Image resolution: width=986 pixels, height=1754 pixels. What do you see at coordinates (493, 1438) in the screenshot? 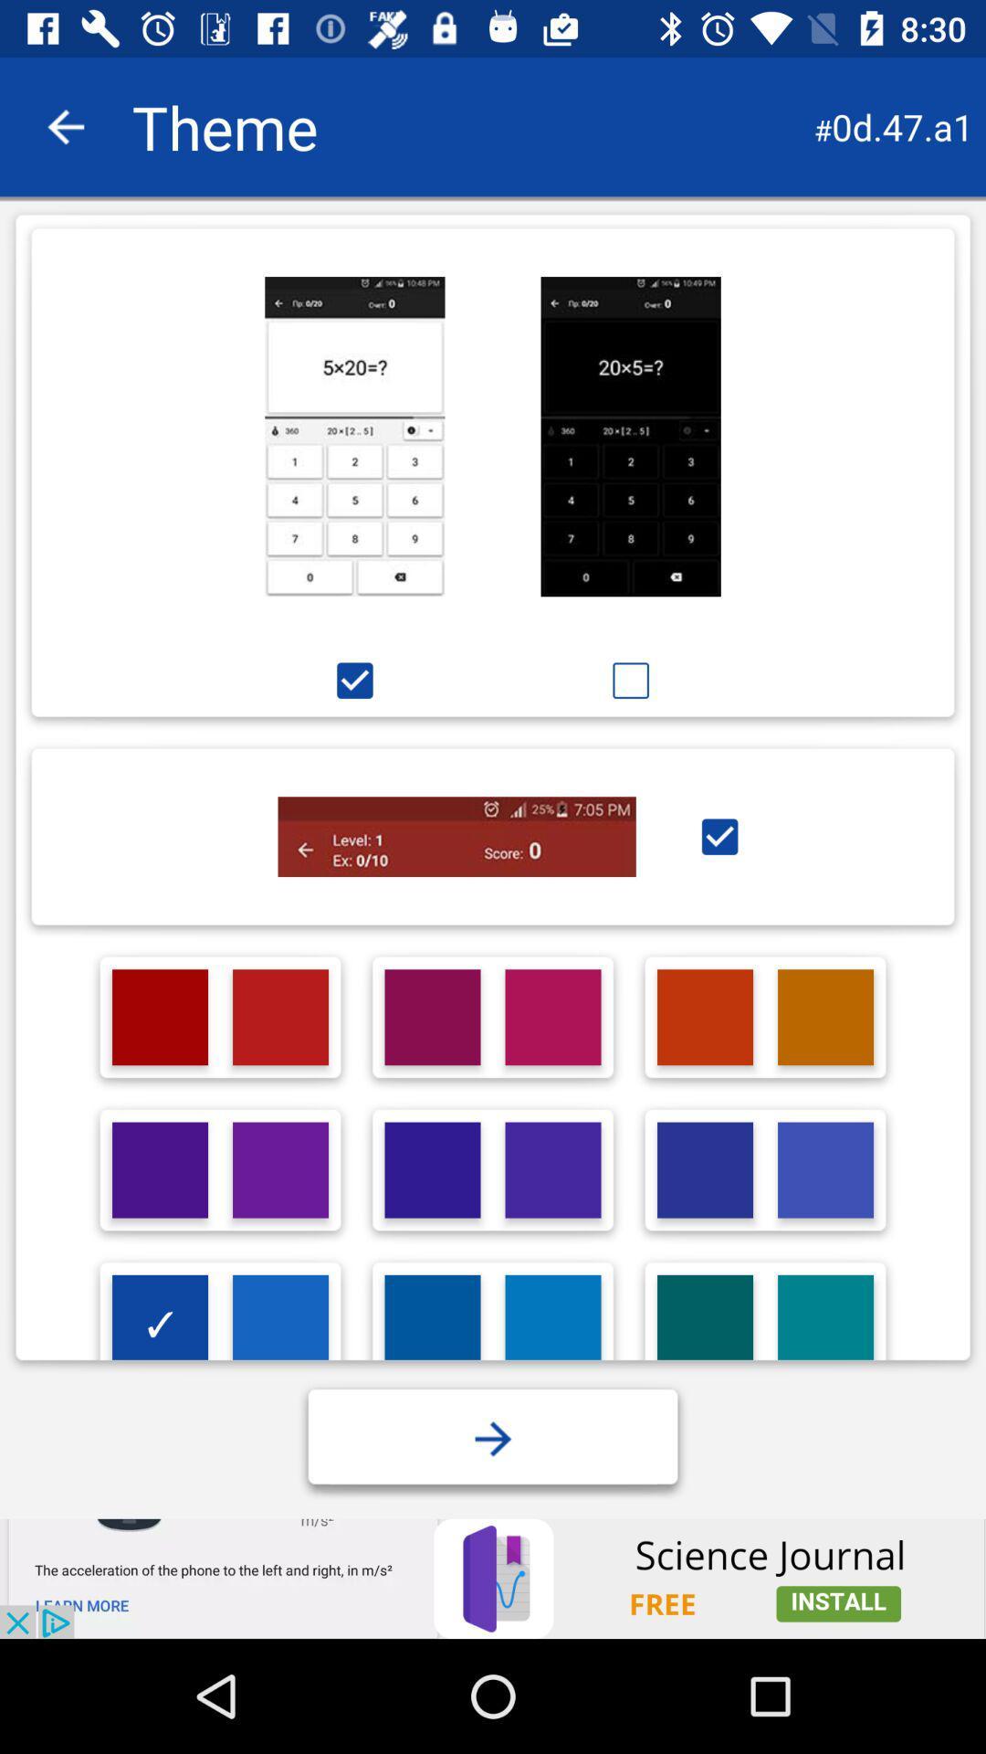
I see `the bottom blue button` at bounding box center [493, 1438].